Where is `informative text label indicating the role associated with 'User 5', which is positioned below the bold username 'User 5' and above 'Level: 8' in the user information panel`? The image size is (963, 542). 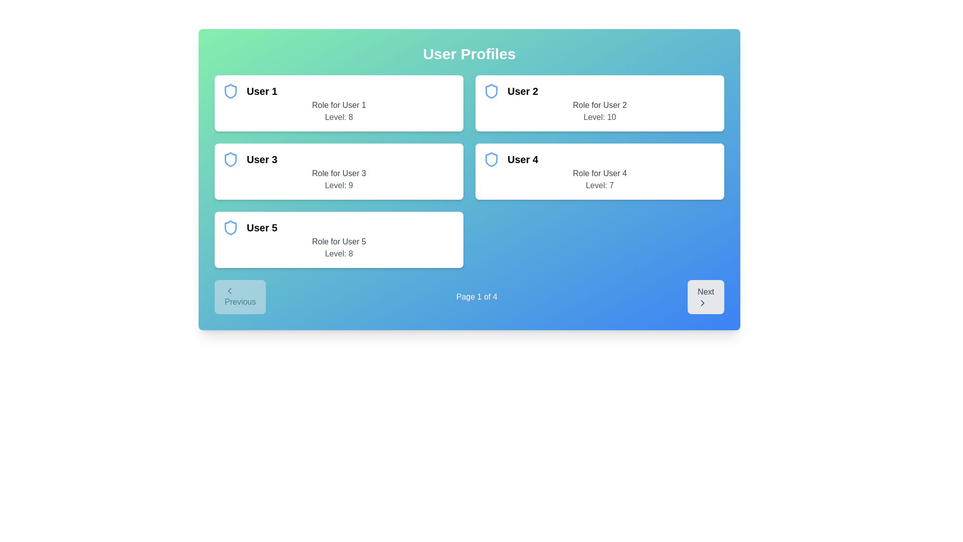 informative text label indicating the role associated with 'User 5', which is positioned below the bold username 'User 5' and above 'Level: 8' in the user information panel is located at coordinates (339, 242).